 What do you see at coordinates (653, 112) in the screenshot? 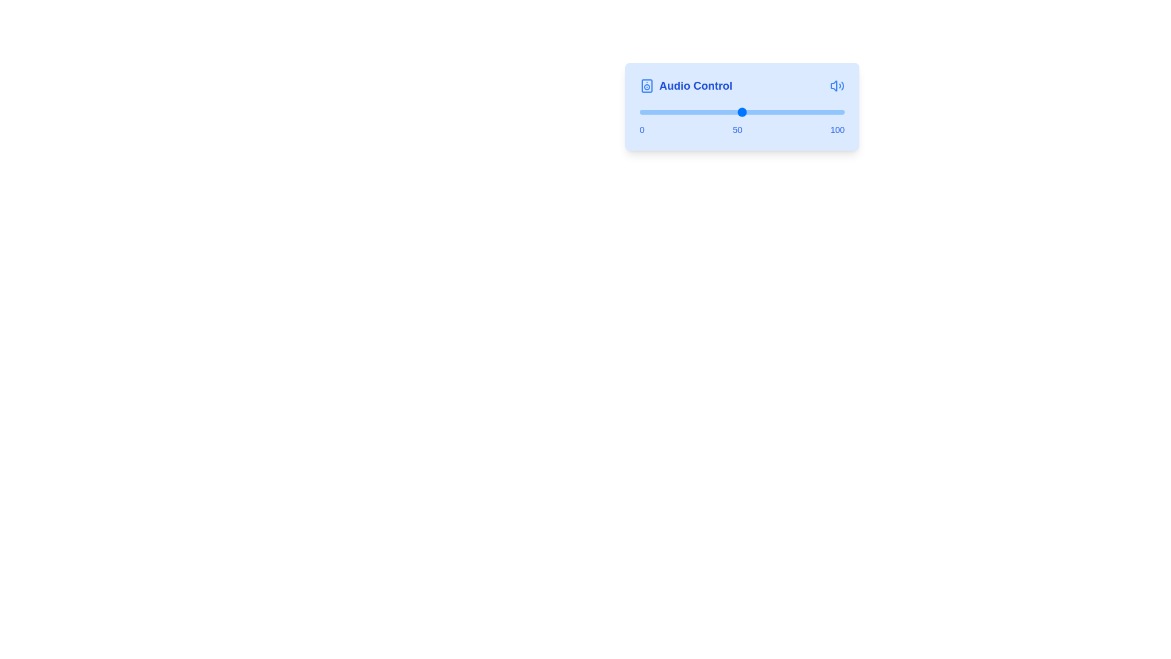
I see `the volume` at bounding box center [653, 112].